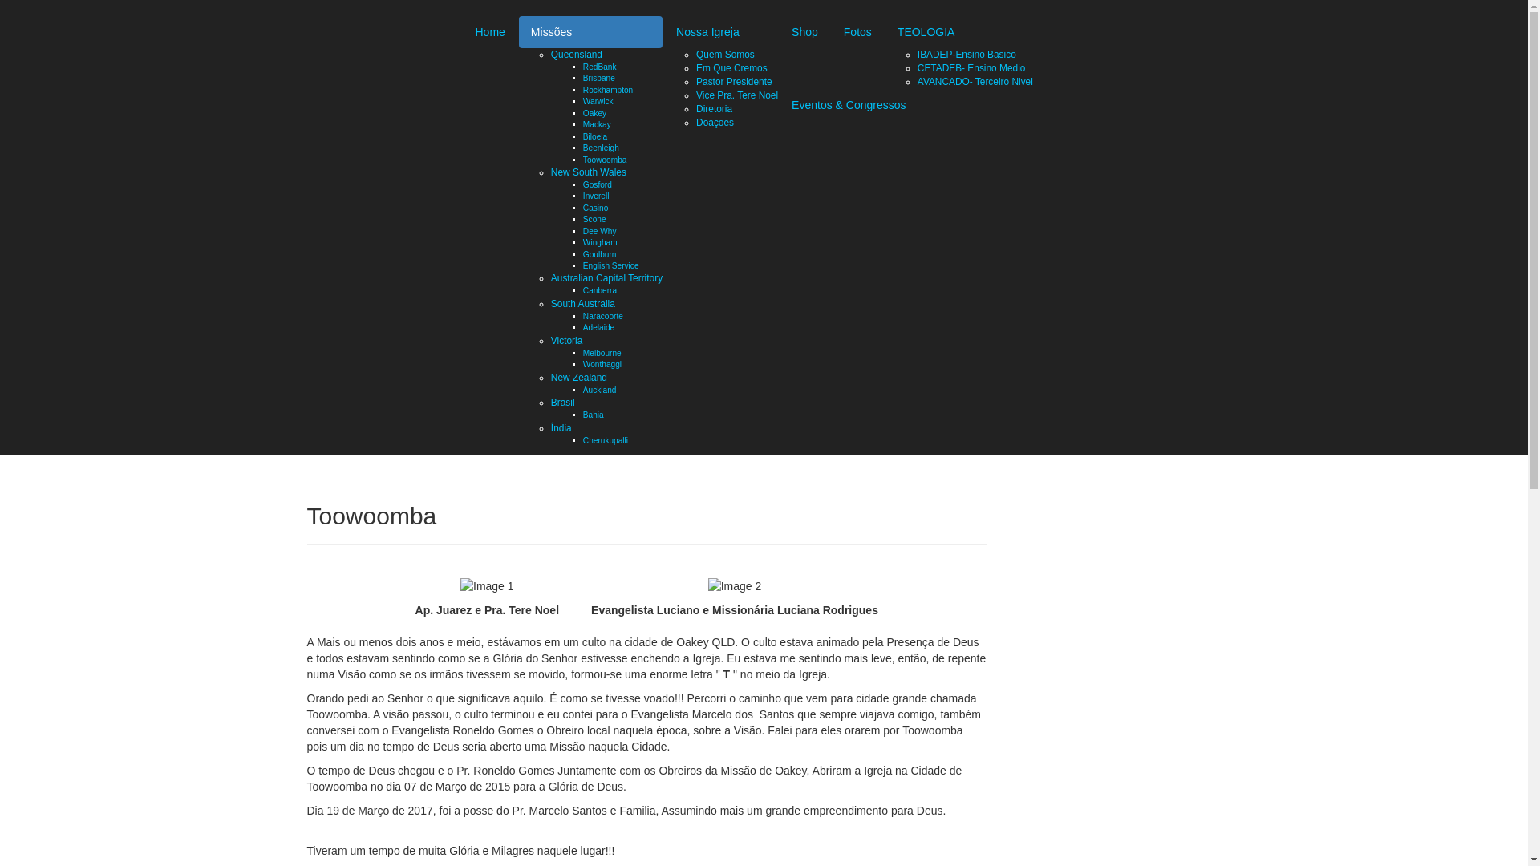 This screenshot has width=1540, height=866. I want to click on 'CETADEB- Ensino Medio', so click(917, 67).